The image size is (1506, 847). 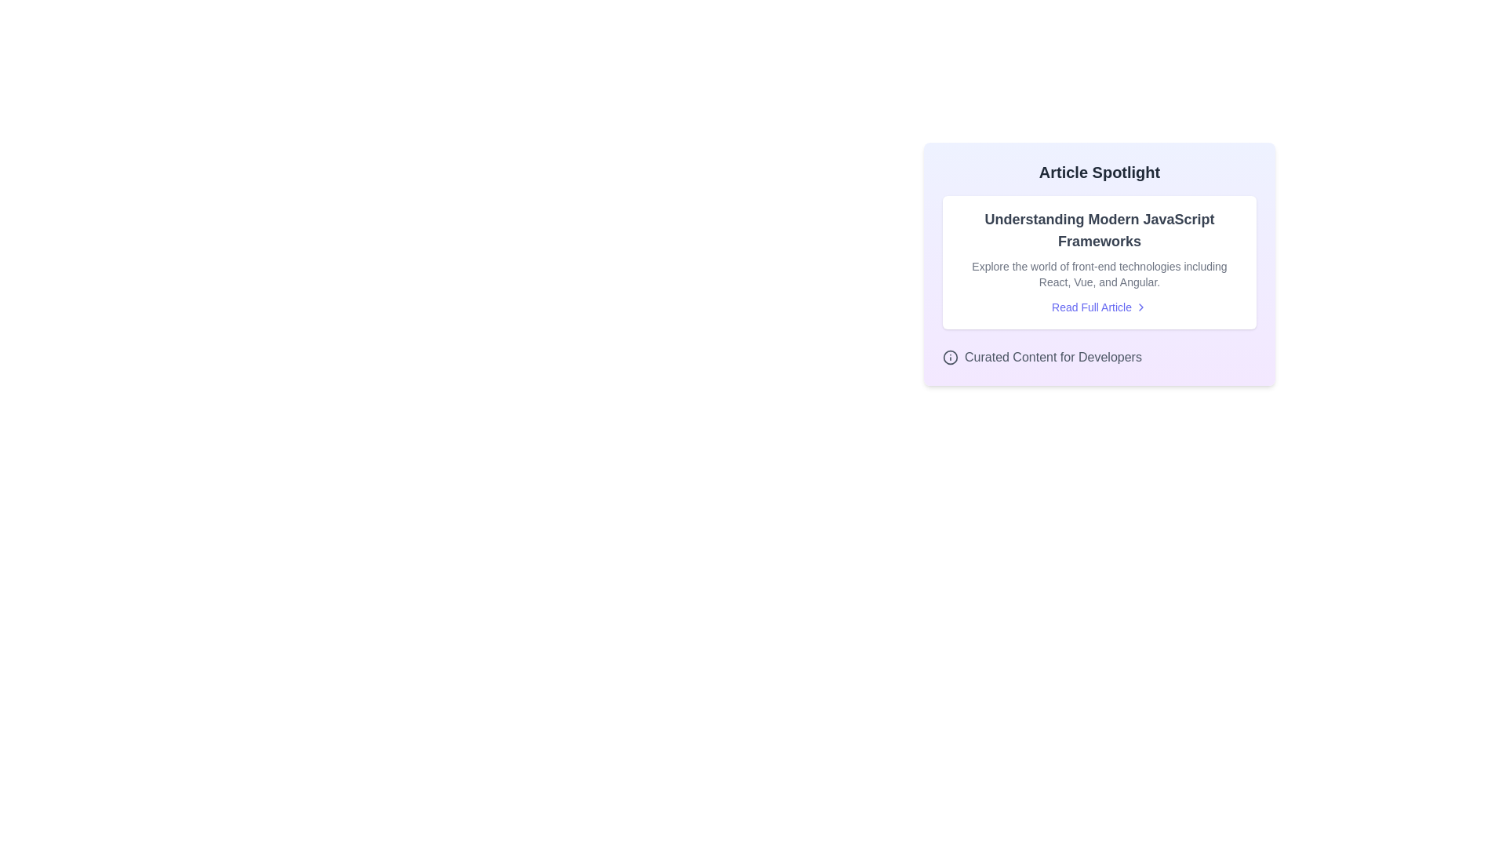 I want to click on static text that provides descriptive information about the content of the module or article, located below the title 'Understanding Modern JavaScript Frameworks' and above the 'Read Full Article' link, so click(x=1098, y=274).